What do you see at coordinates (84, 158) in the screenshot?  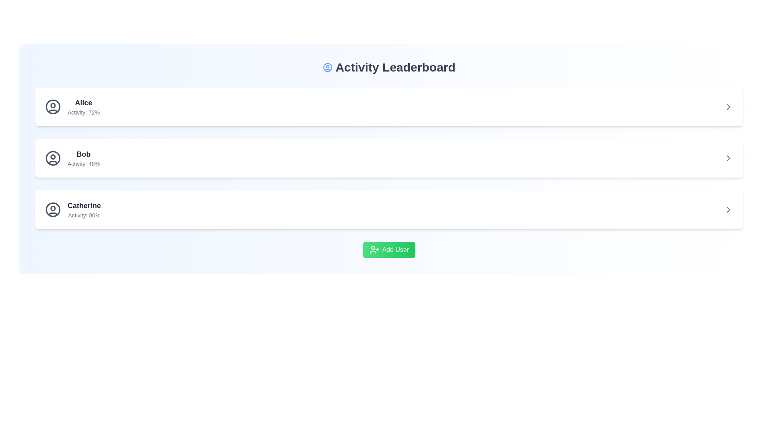 I see `the Text display element that shows the individual's name 'Bob' and their activity percentage '48%' in the Activity Leaderboard interface, located in the second row of user entries` at bounding box center [84, 158].